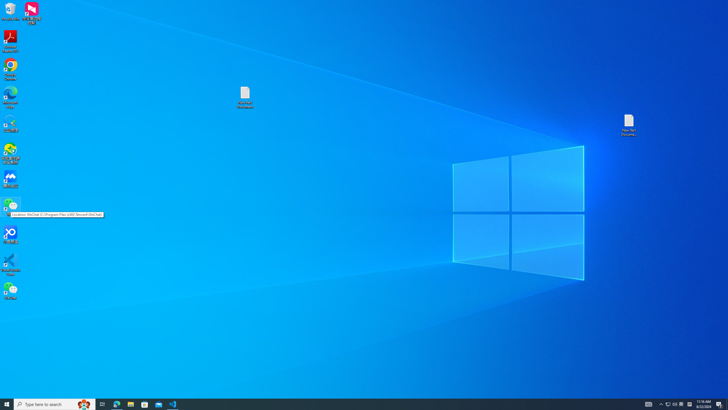 The height and width of the screenshot is (410, 728). I want to click on 'AutomationID: 4105', so click(648, 404).